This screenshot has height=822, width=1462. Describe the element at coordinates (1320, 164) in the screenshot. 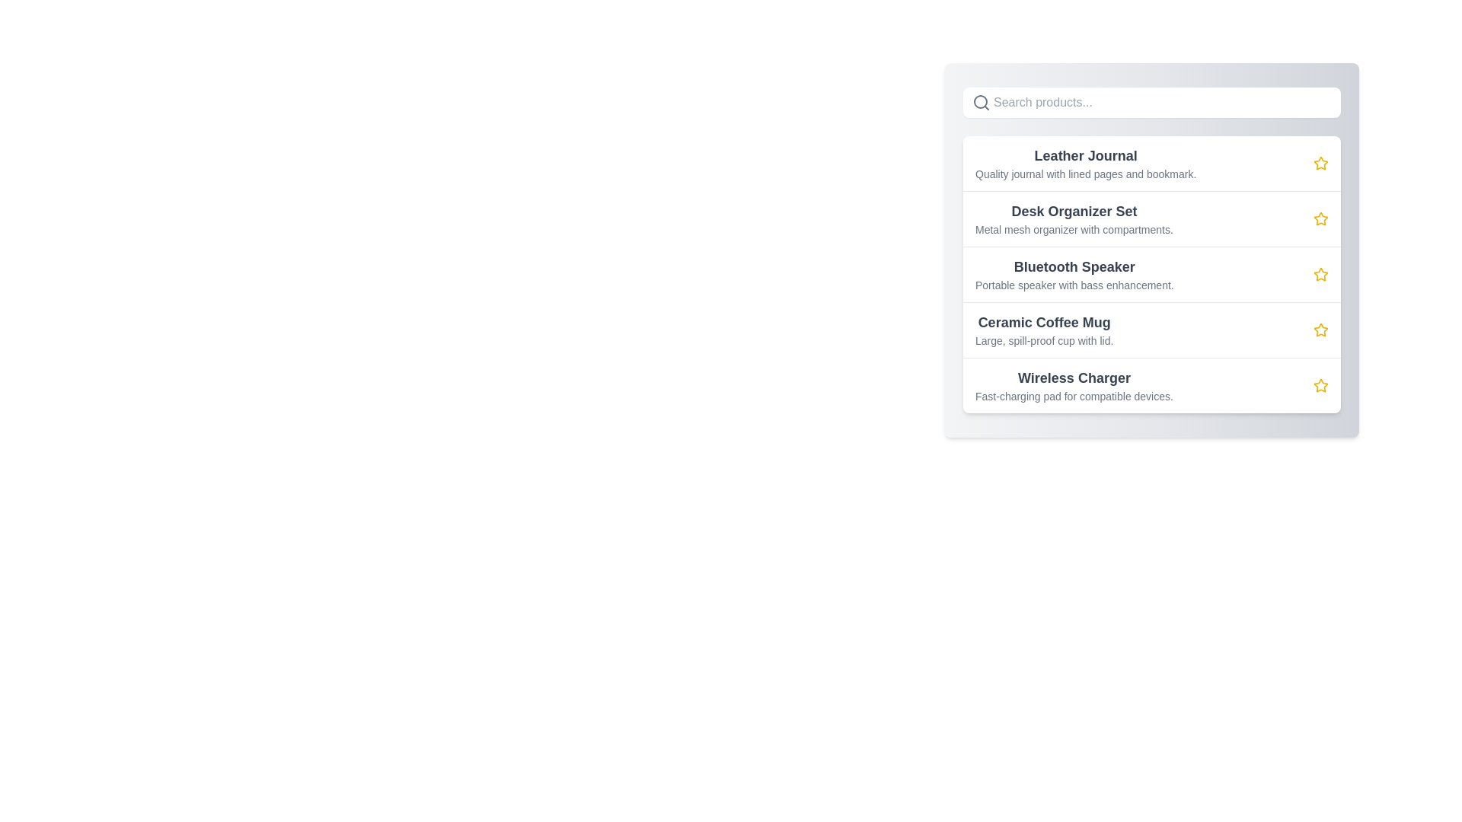

I see `the star icon located at the far right of the 'Leather Journal' label` at that location.